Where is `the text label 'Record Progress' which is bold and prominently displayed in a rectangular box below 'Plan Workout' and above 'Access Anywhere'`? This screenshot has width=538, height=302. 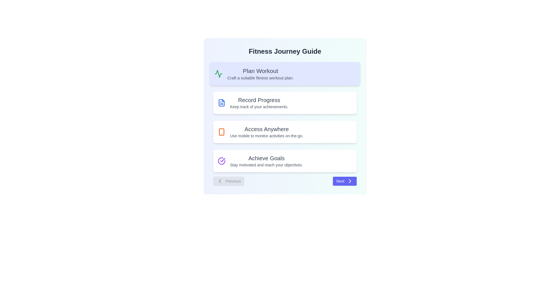
the text label 'Record Progress' which is bold and prominently displayed in a rectangular box below 'Plan Workout' and above 'Access Anywhere' is located at coordinates (259, 100).